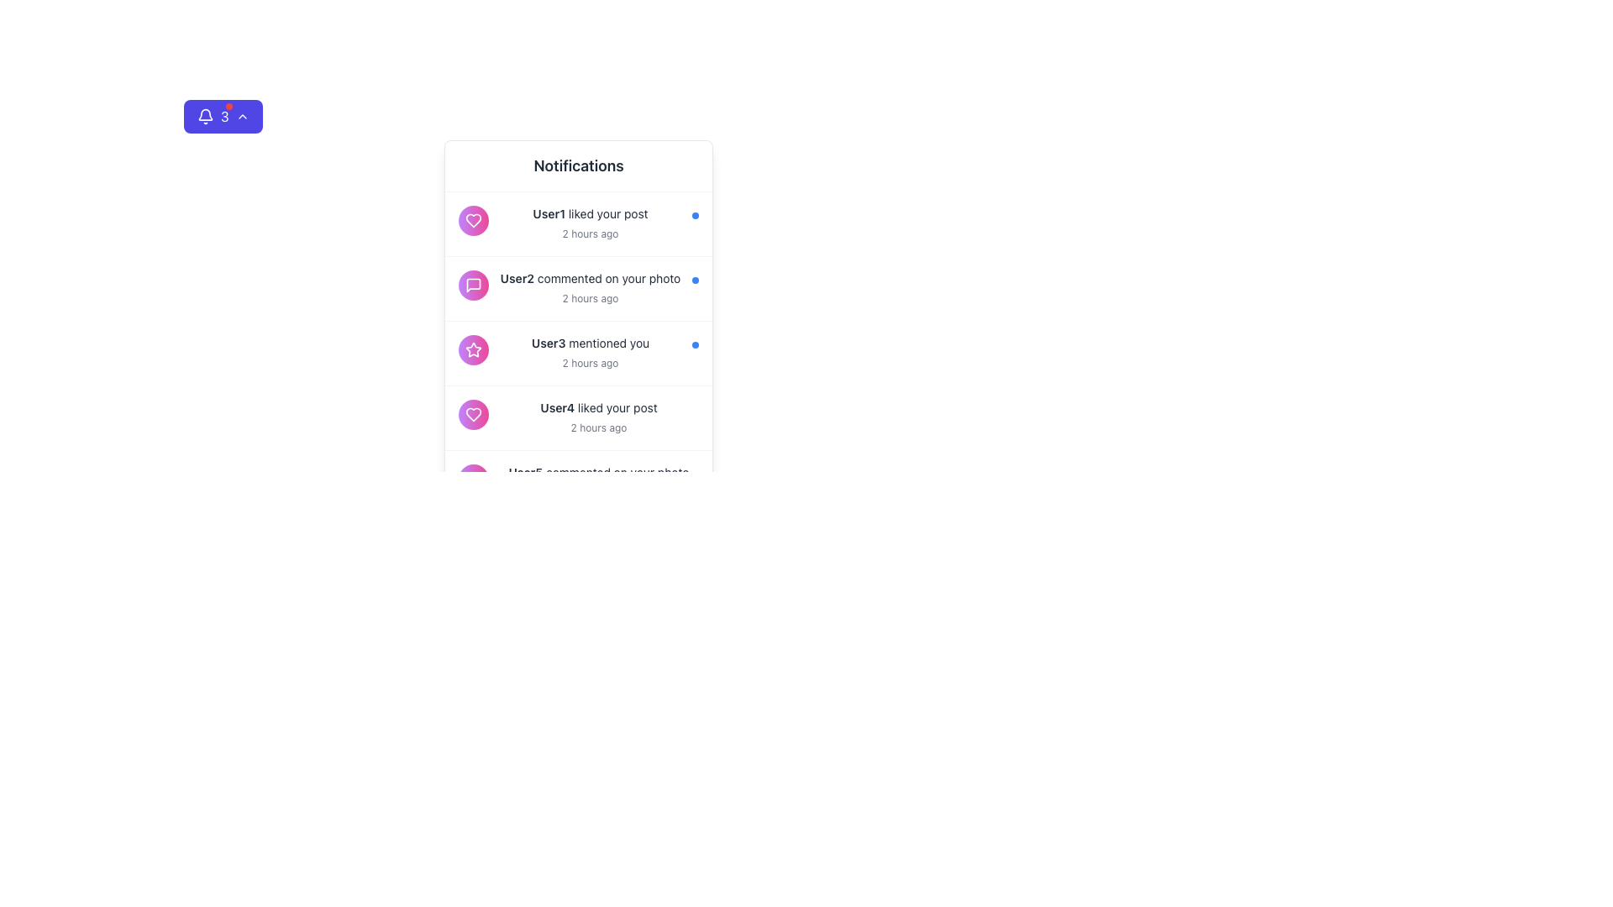 This screenshot has width=1613, height=907. What do you see at coordinates (524, 472) in the screenshot?
I see `the label displaying the identifier 'User5', which is part of the fifth notification entry in the 'Notifications' list` at bounding box center [524, 472].